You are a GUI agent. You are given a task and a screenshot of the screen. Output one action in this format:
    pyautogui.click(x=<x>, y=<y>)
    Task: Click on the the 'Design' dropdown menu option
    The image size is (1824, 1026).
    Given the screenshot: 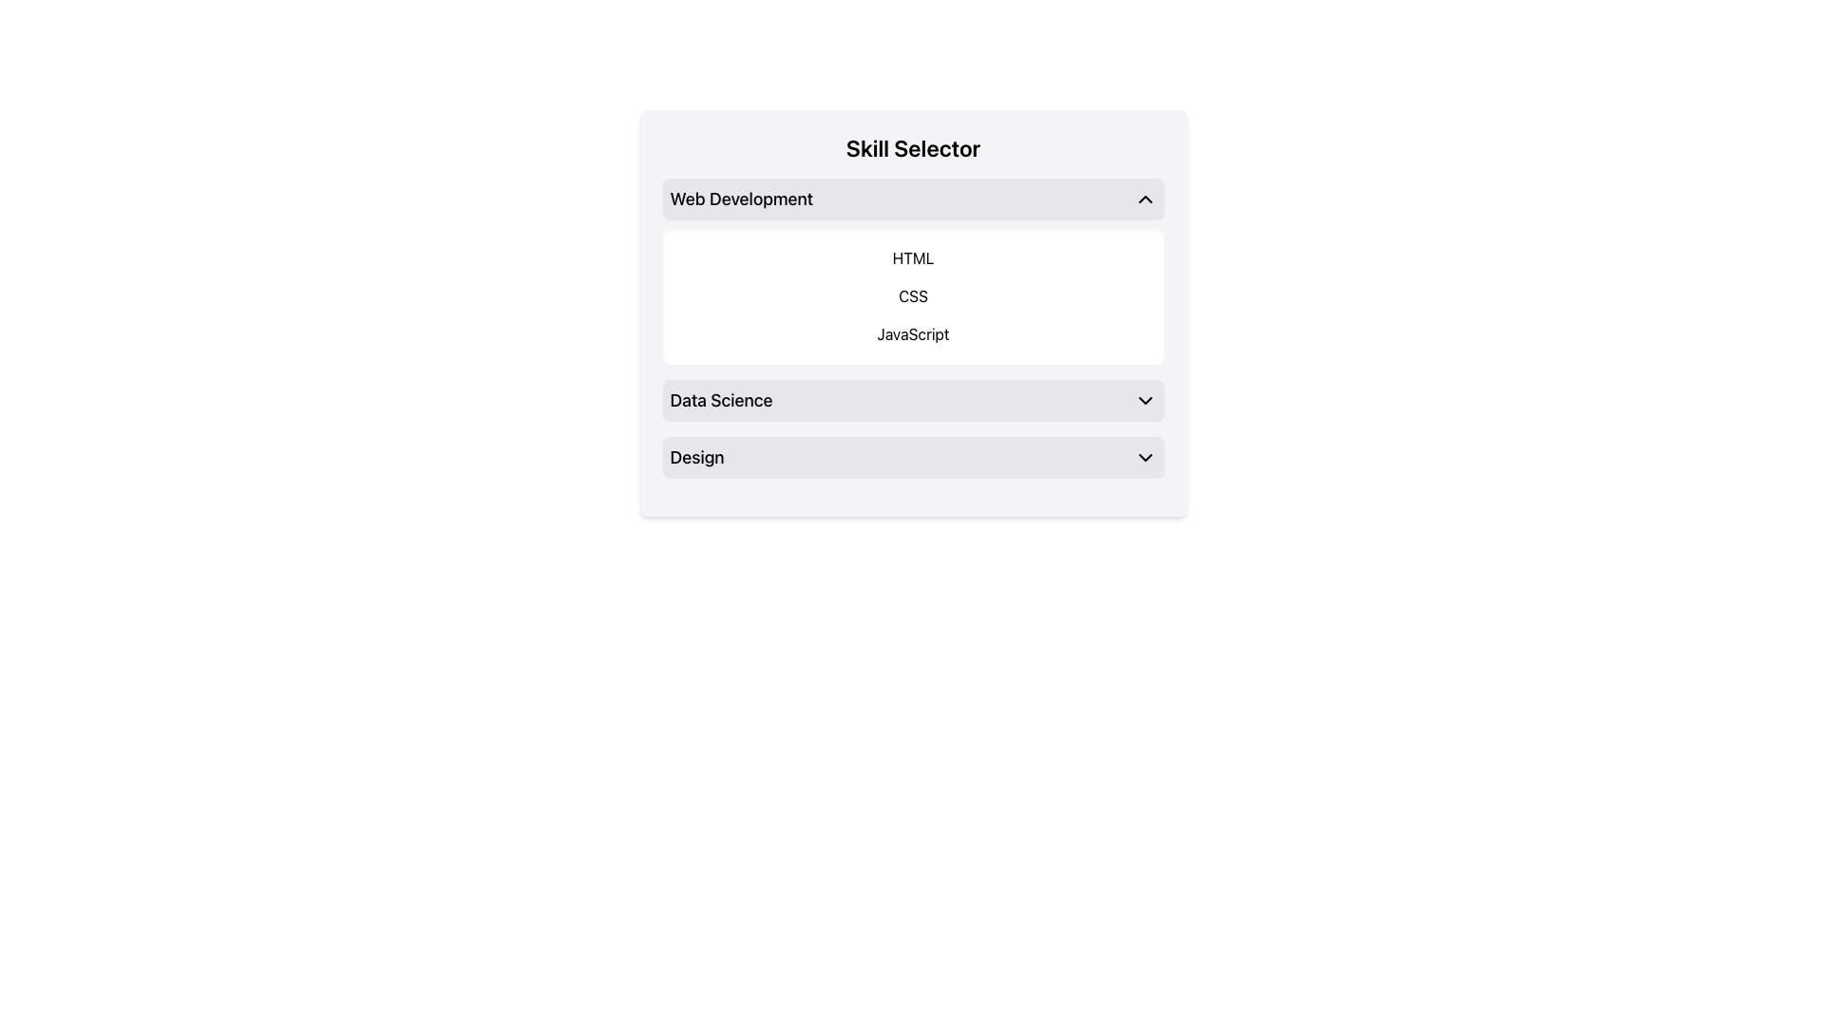 What is the action you would take?
    pyautogui.click(x=913, y=458)
    